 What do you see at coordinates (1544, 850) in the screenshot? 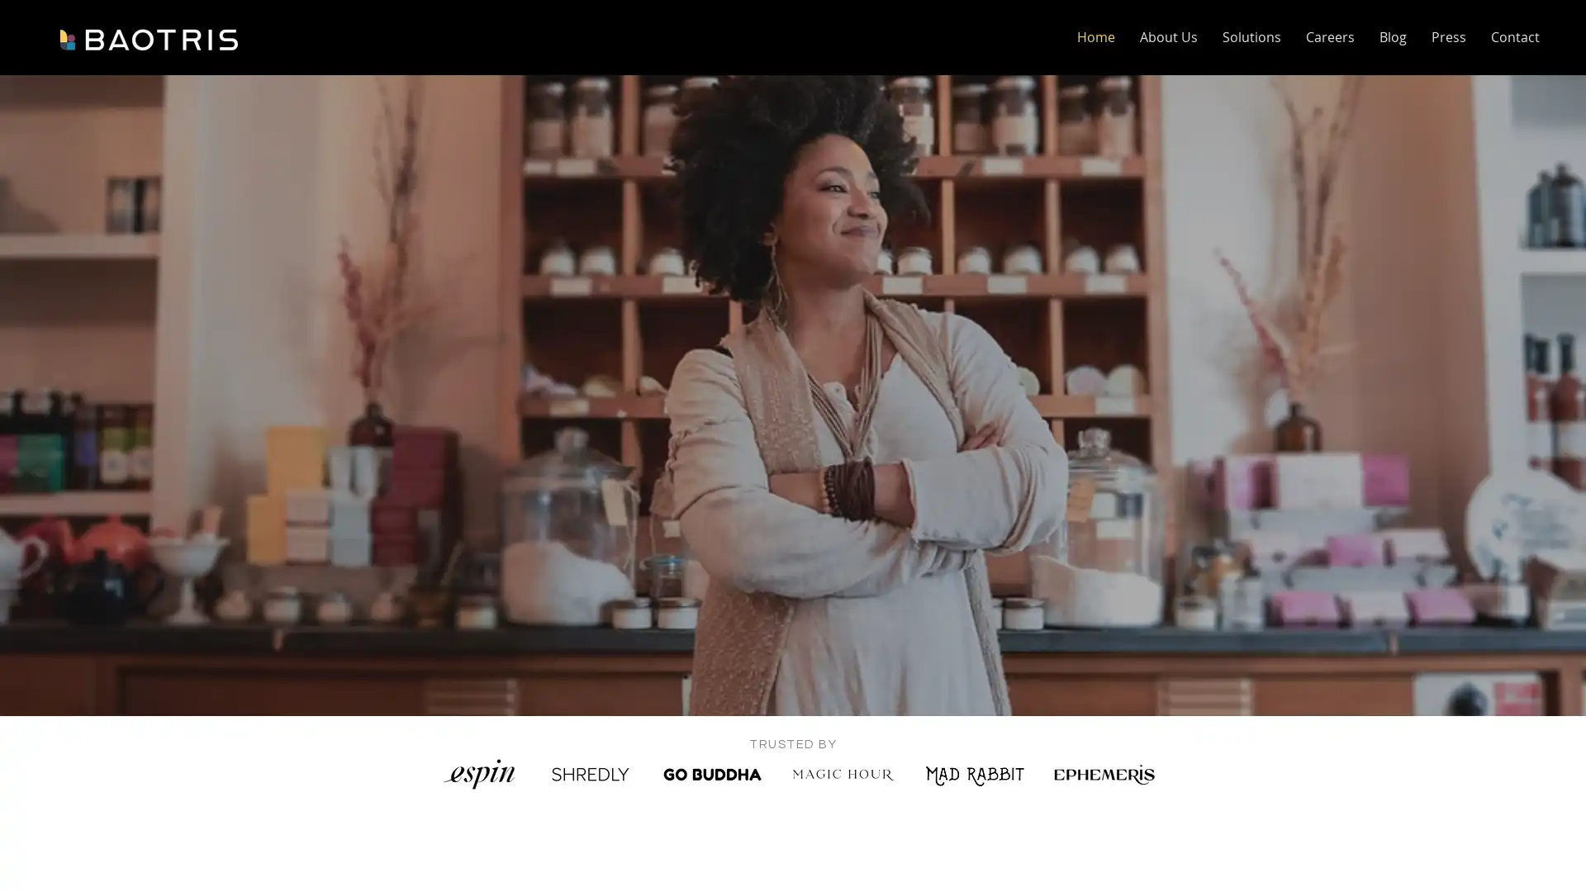
I see `Open Intercom Messenger` at bounding box center [1544, 850].